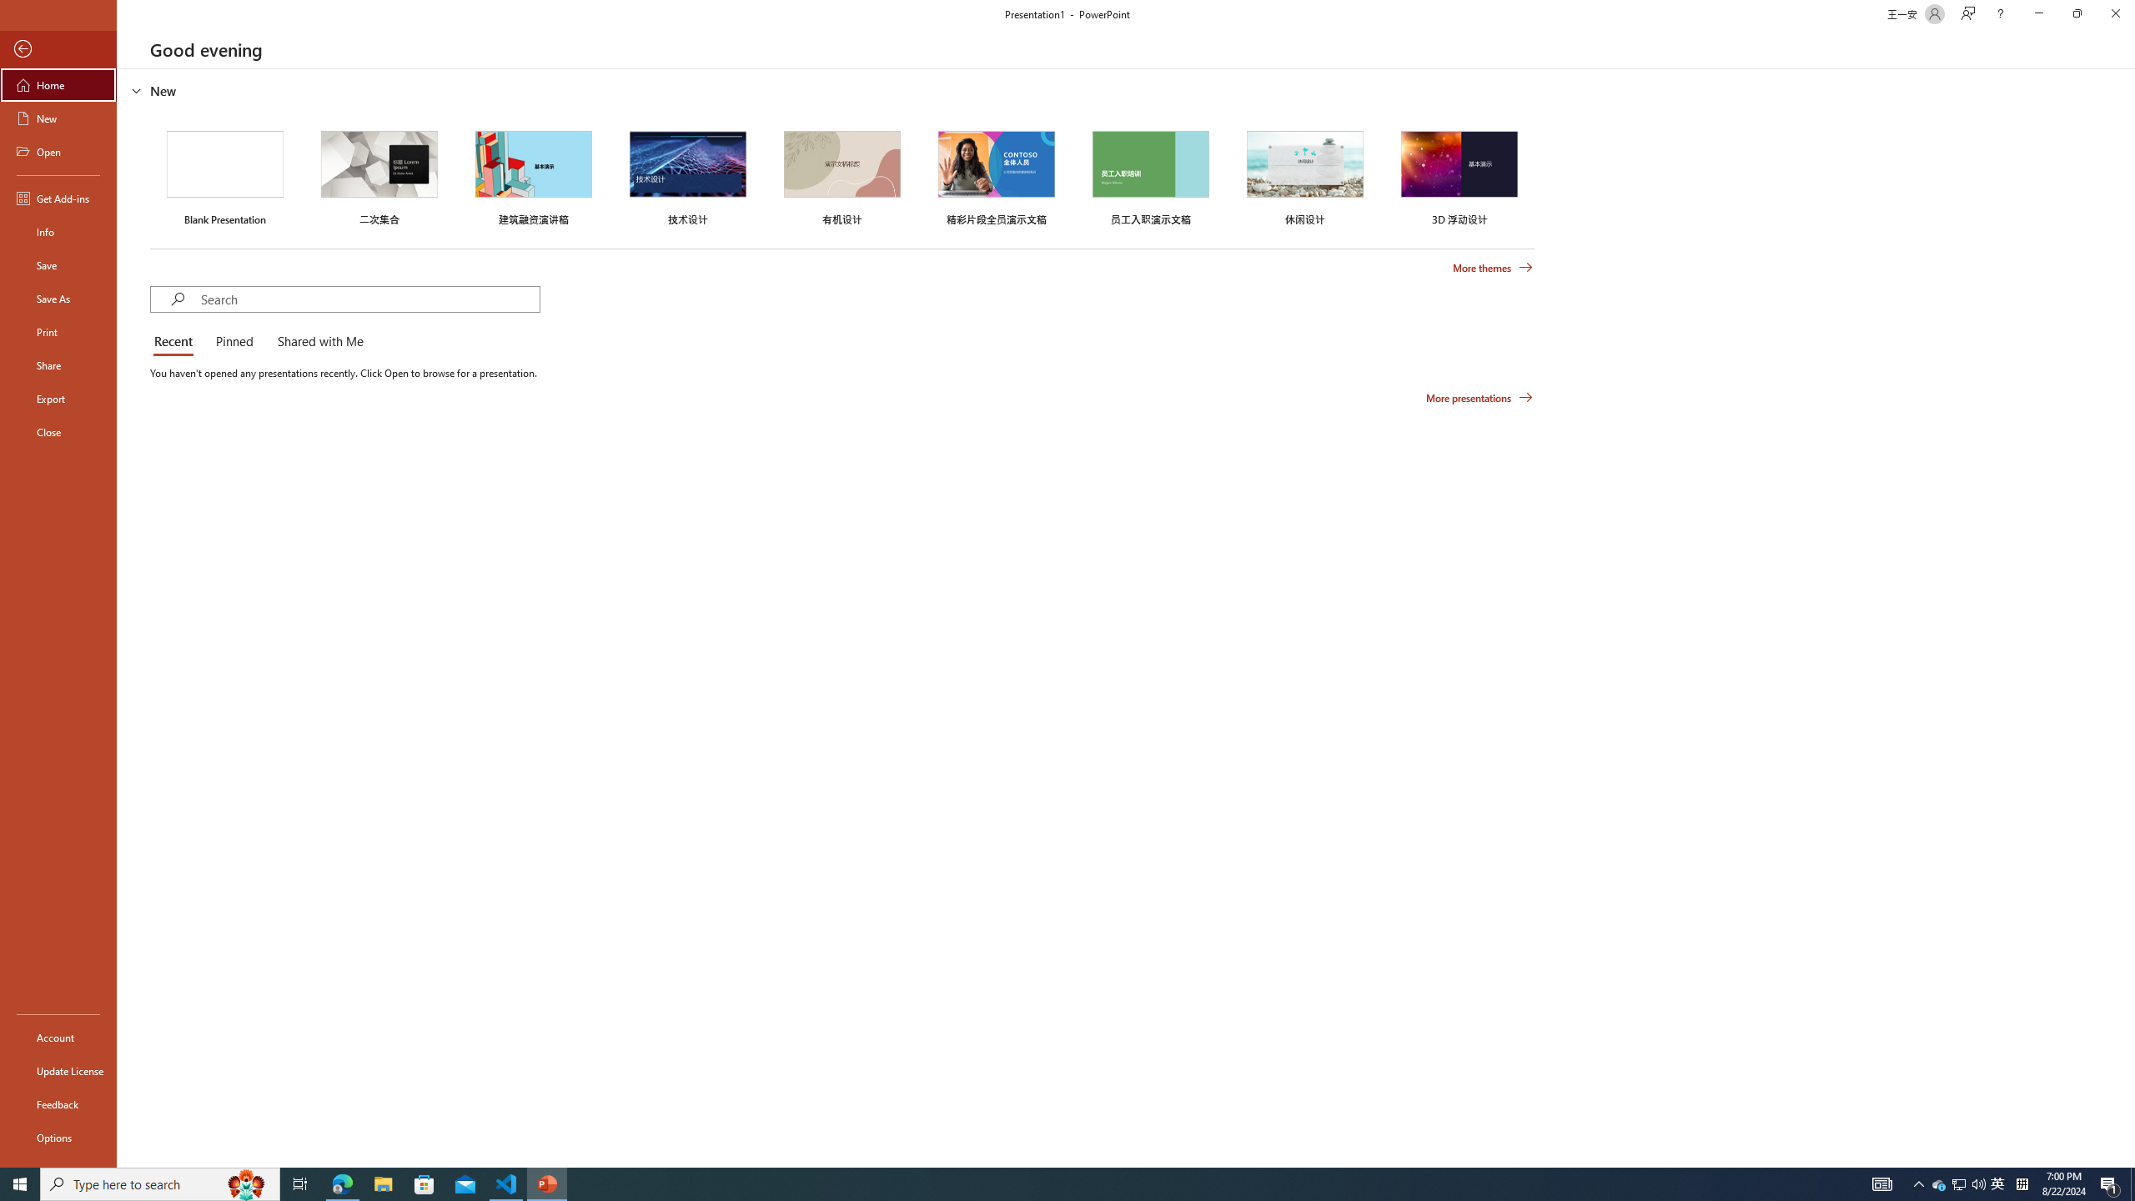 This screenshot has height=1201, width=2135. I want to click on 'Save As', so click(58, 297).